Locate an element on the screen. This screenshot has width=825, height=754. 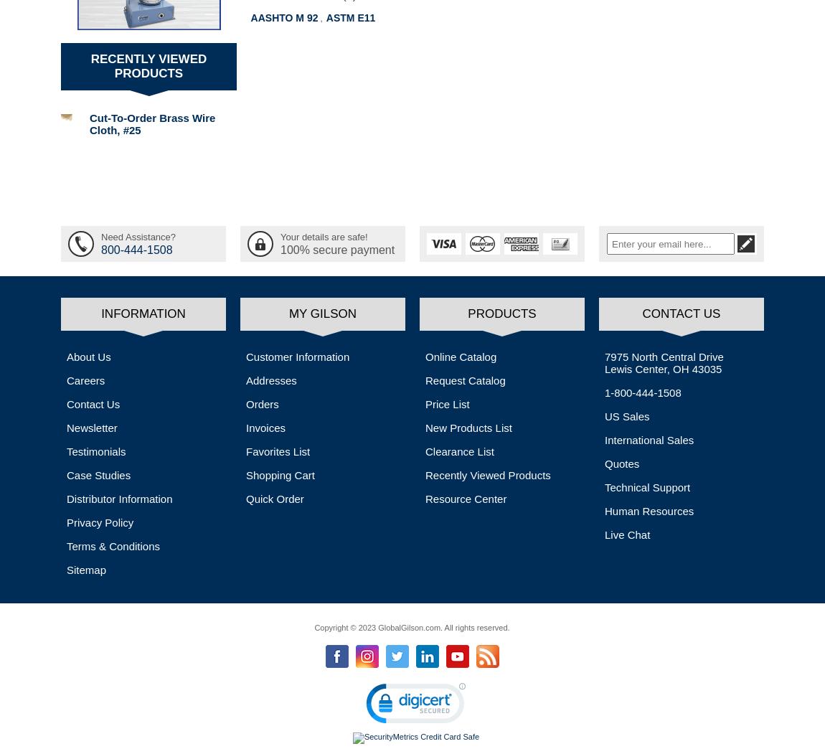
'AASHTO M 92' is located at coordinates (283, 18).